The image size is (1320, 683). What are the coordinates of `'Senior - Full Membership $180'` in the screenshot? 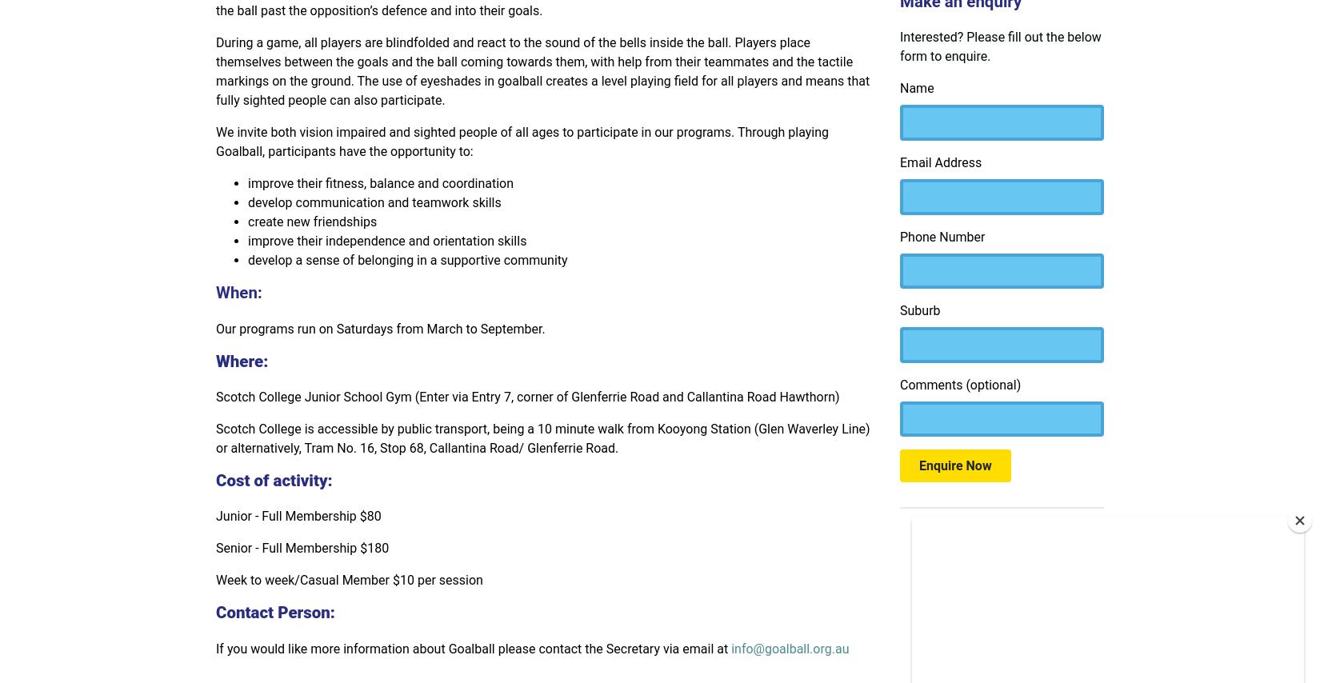 It's located at (302, 547).